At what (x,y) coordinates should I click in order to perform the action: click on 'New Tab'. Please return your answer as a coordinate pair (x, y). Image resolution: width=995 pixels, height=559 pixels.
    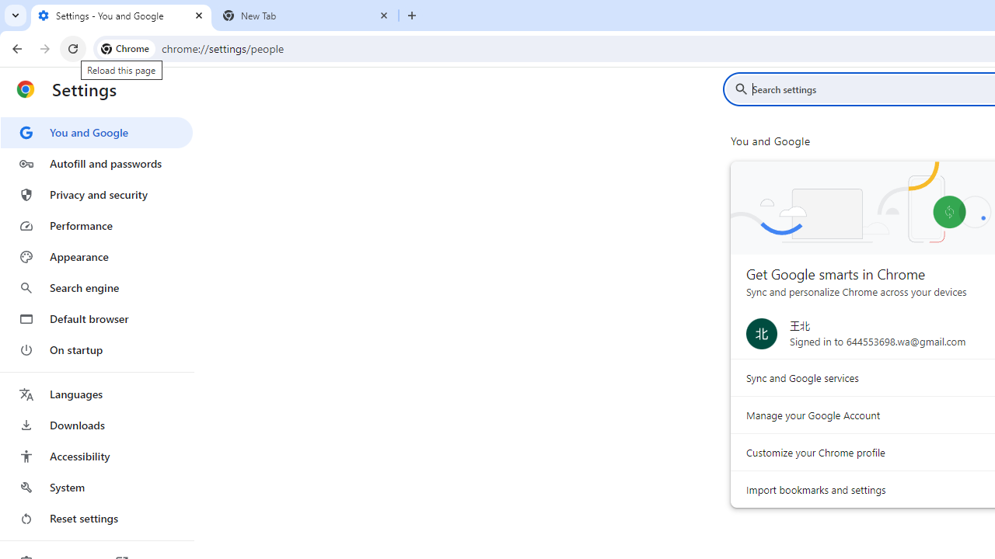
    Looking at the image, I should click on (306, 16).